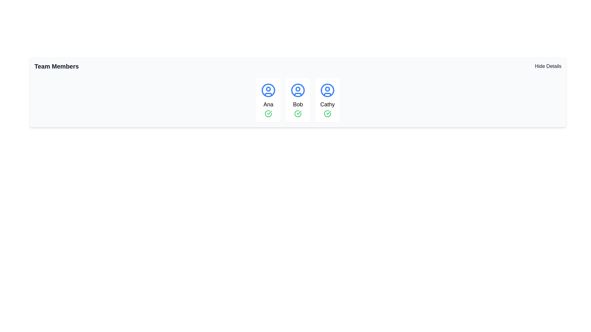 Image resolution: width=591 pixels, height=332 pixels. I want to click on the text label identifying the individual represented by the user icon in the first column of user profile cards, so click(268, 104).